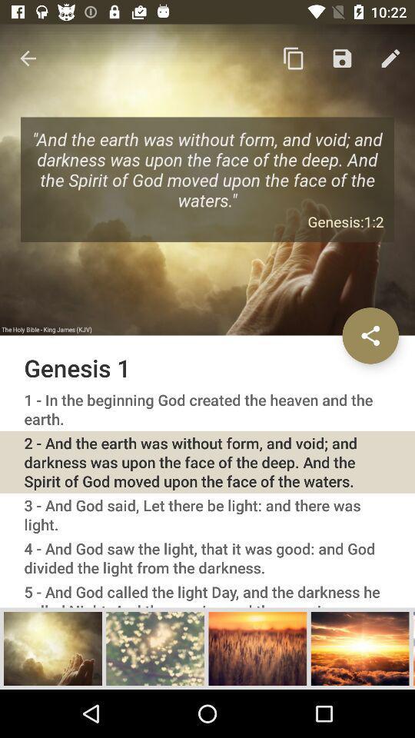 This screenshot has height=738, width=415. Describe the element at coordinates (207, 367) in the screenshot. I see `genesis 1 icon` at that location.